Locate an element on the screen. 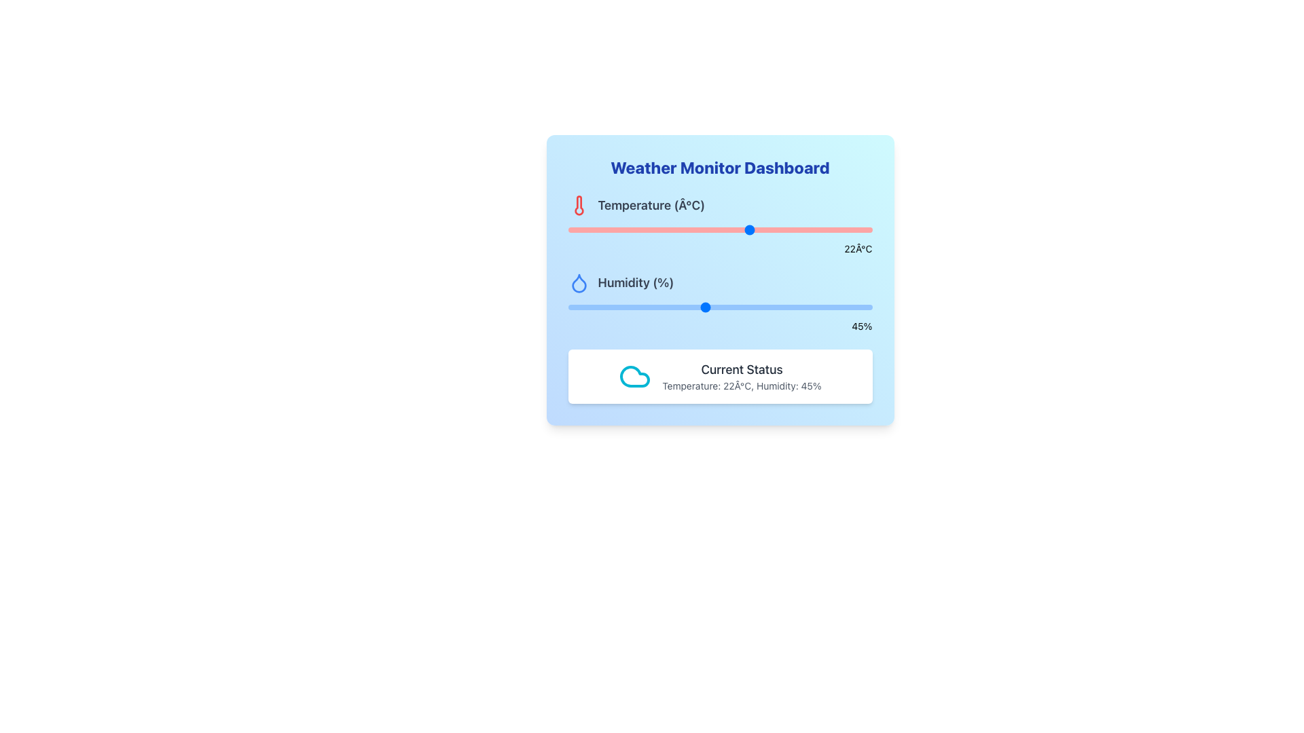 The image size is (1304, 733). the temperature slider is located at coordinates (590, 229).